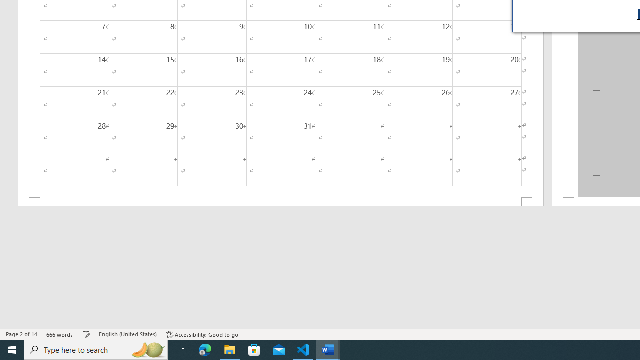  I want to click on 'Word - 2 running windows', so click(328, 349).